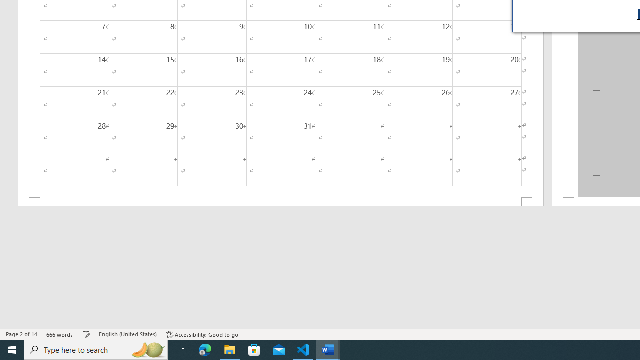  I want to click on 'Word - 2 running windows', so click(328, 349).